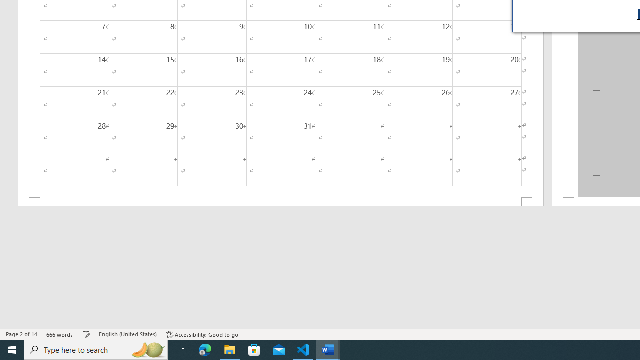  I want to click on 'Word - 2 running windows', so click(328, 349).